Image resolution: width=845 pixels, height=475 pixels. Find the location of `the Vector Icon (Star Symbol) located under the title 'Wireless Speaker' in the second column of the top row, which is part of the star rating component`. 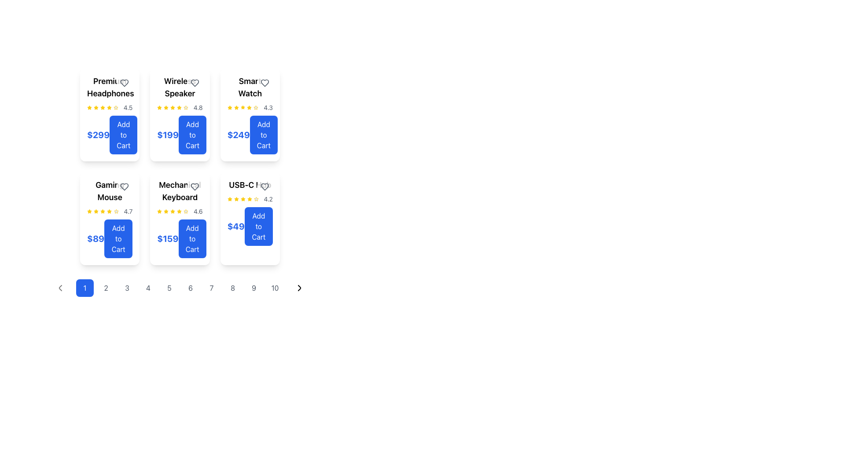

the Vector Icon (Star Symbol) located under the title 'Wireless Speaker' in the second column of the top row, which is part of the star rating component is located at coordinates (185, 107).